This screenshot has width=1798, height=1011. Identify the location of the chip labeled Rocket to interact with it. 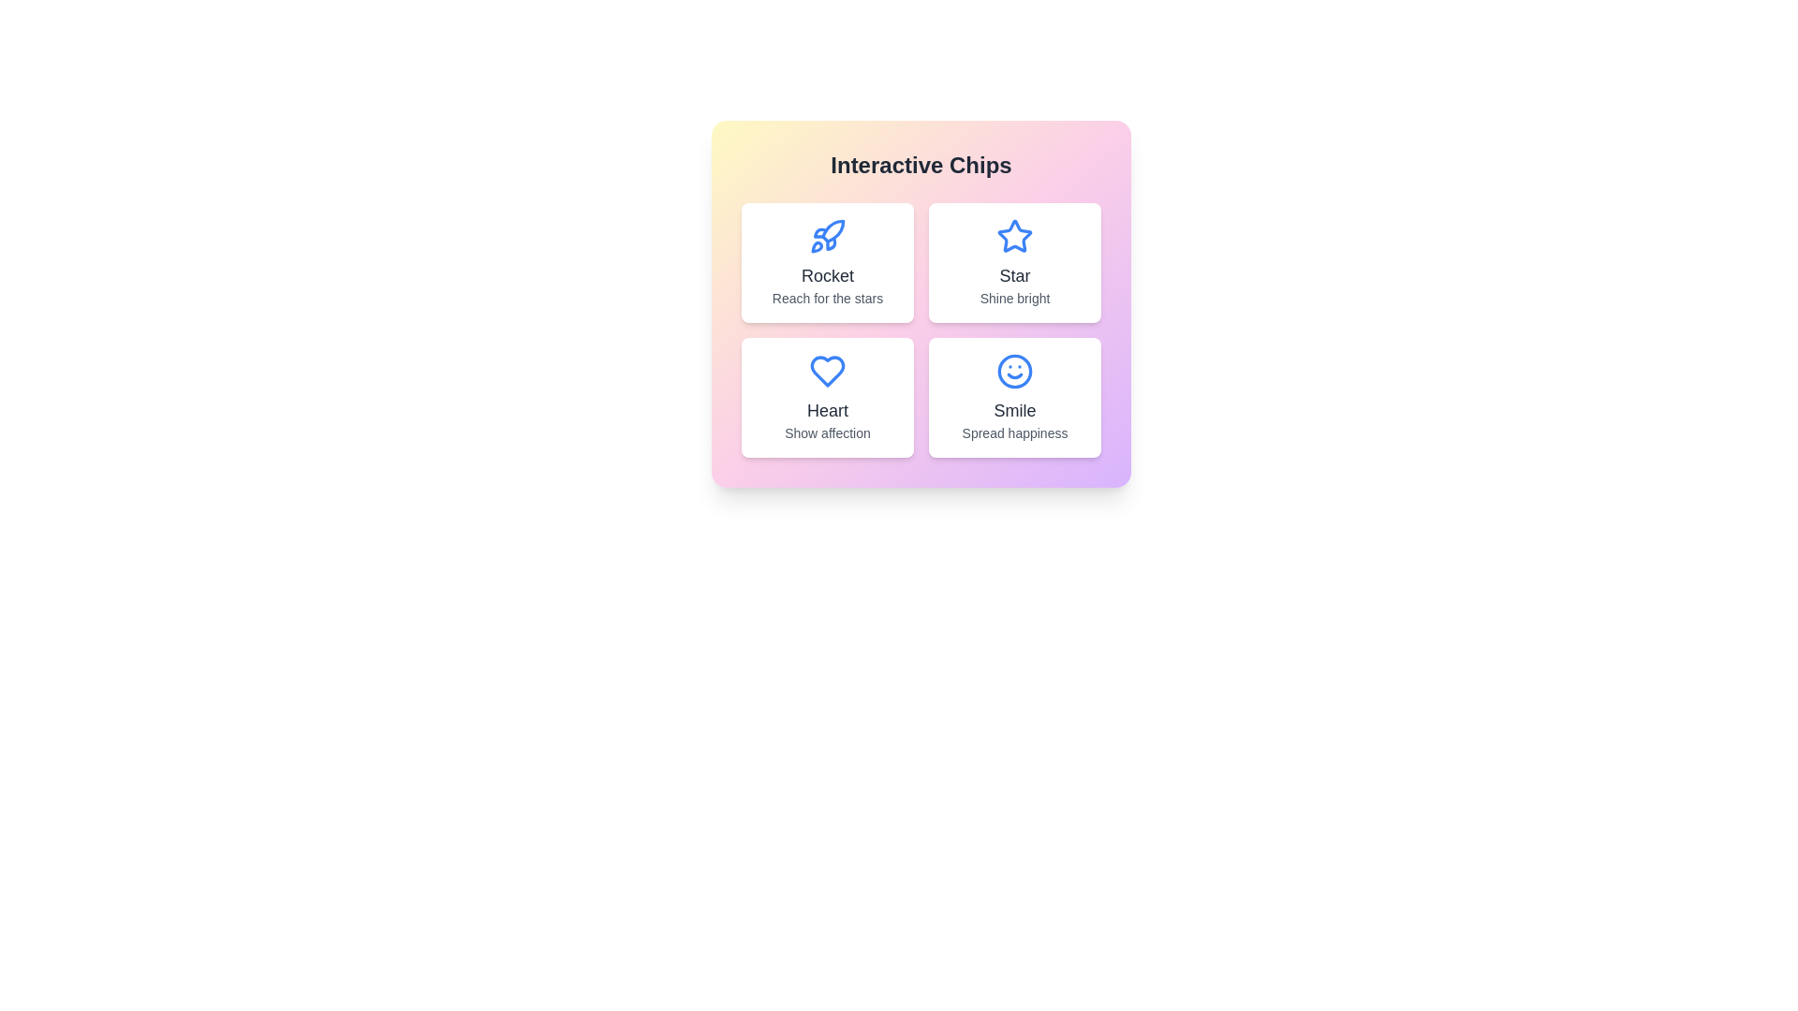
(826, 263).